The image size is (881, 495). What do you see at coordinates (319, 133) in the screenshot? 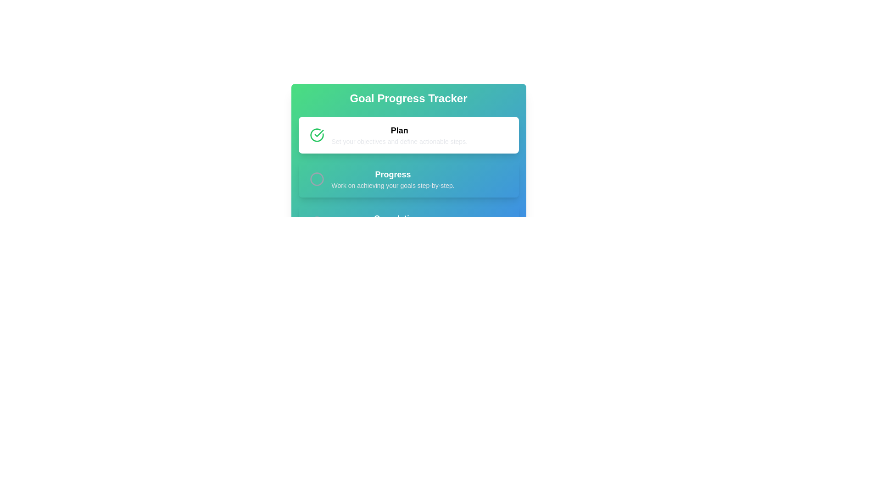
I see `the completion icon located to the left of the 'Plan' heading text in the 'Goal Progress Tracker' interface` at bounding box center [319, 133].